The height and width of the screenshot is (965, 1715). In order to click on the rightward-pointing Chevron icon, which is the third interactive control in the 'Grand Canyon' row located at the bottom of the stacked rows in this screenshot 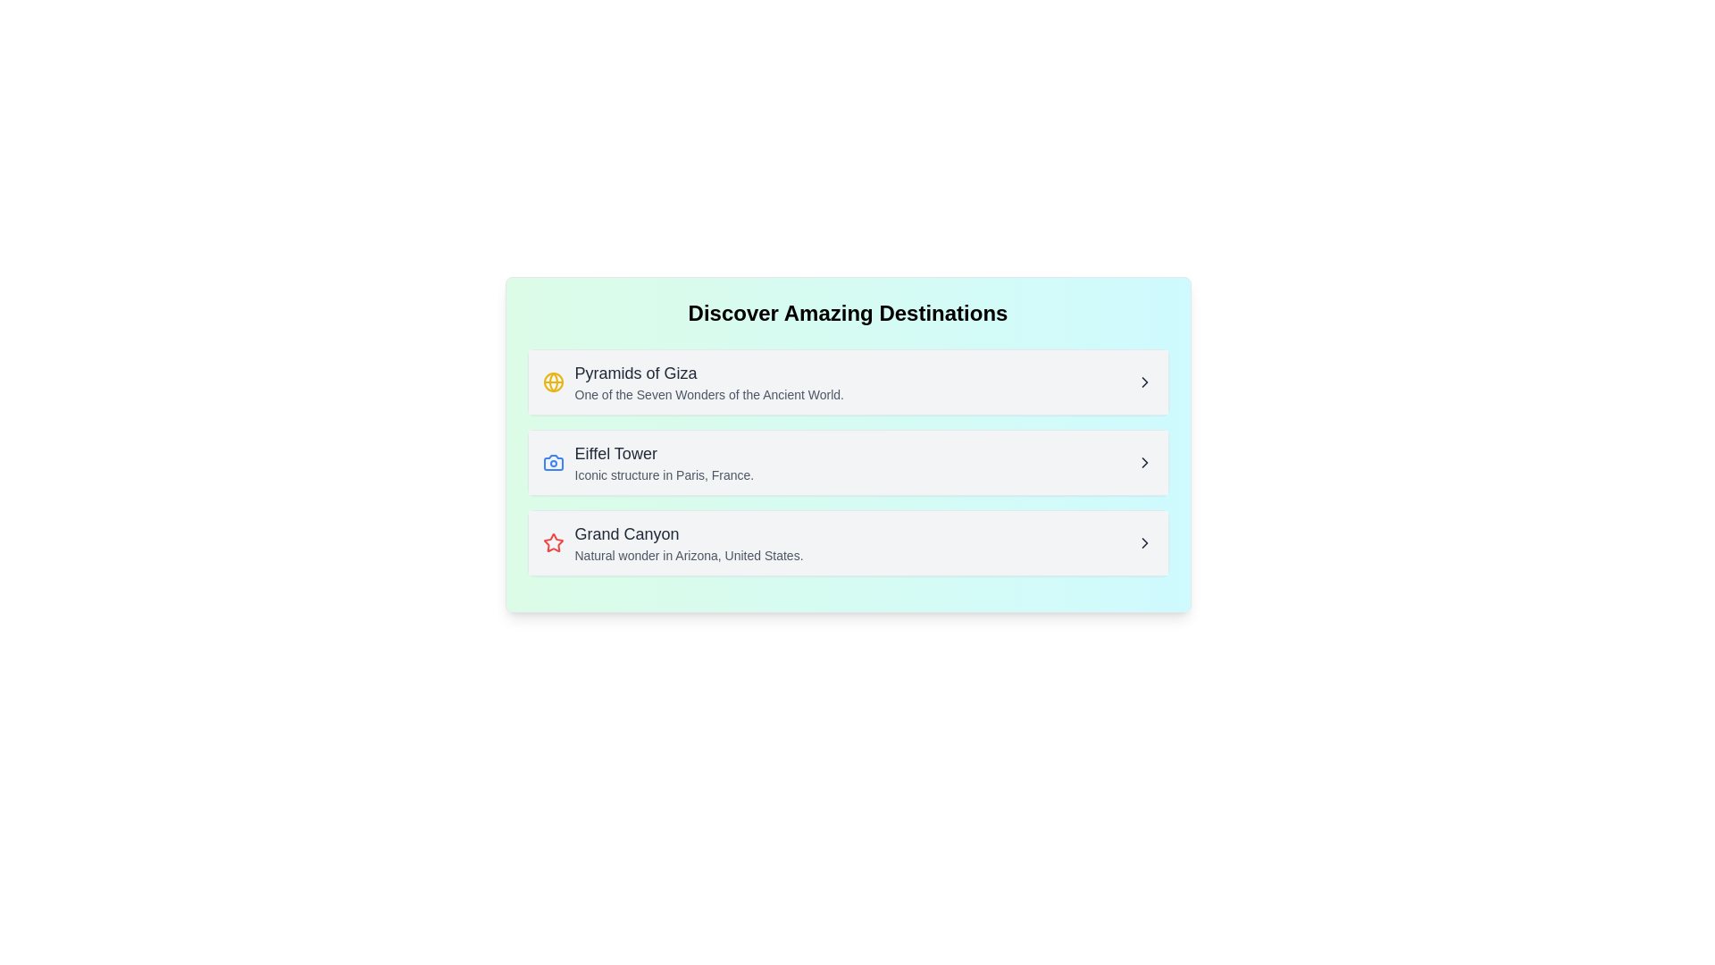, I will do `click(1144, 542)`.